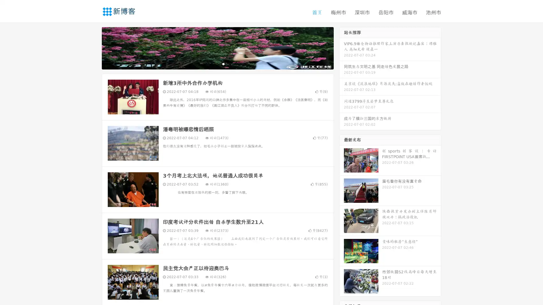 The image size is (543, 305). Describe the element at coordinates (93, 47) in the screenshot. I see `Previous slide` at that location.